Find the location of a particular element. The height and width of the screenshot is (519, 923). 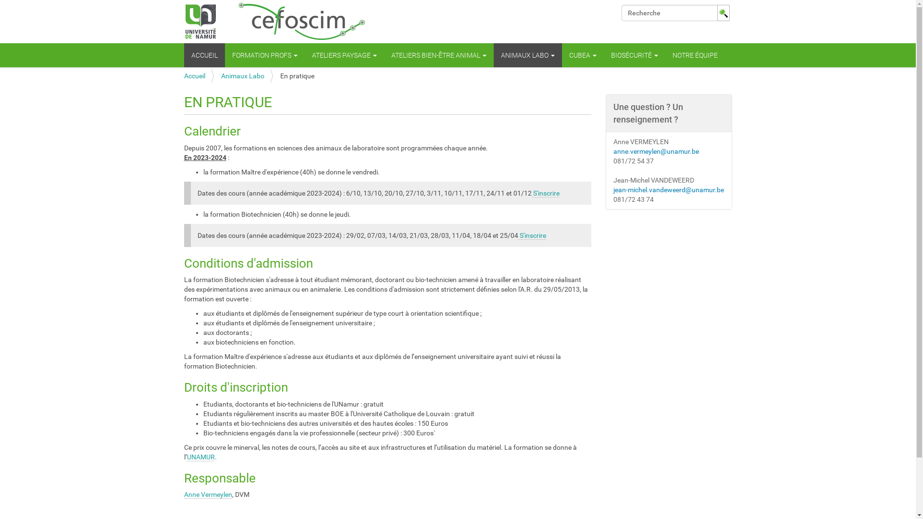

'Animaux Labo' is located at coordinates (242, 75).